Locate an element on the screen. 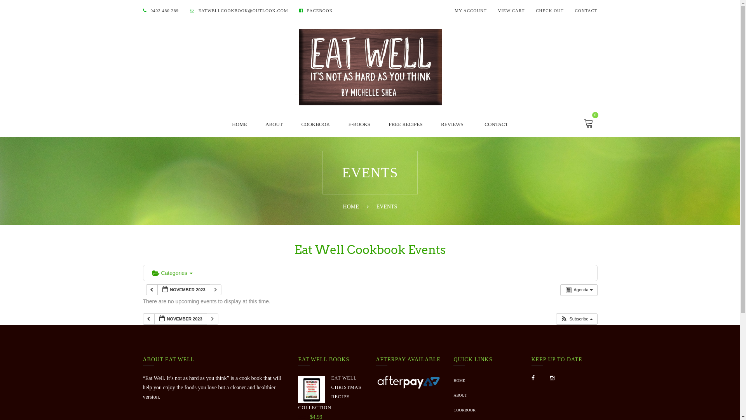 The image size is (746, 420). 'NOVEMBER 2023' is located at coordinates (183, 290).